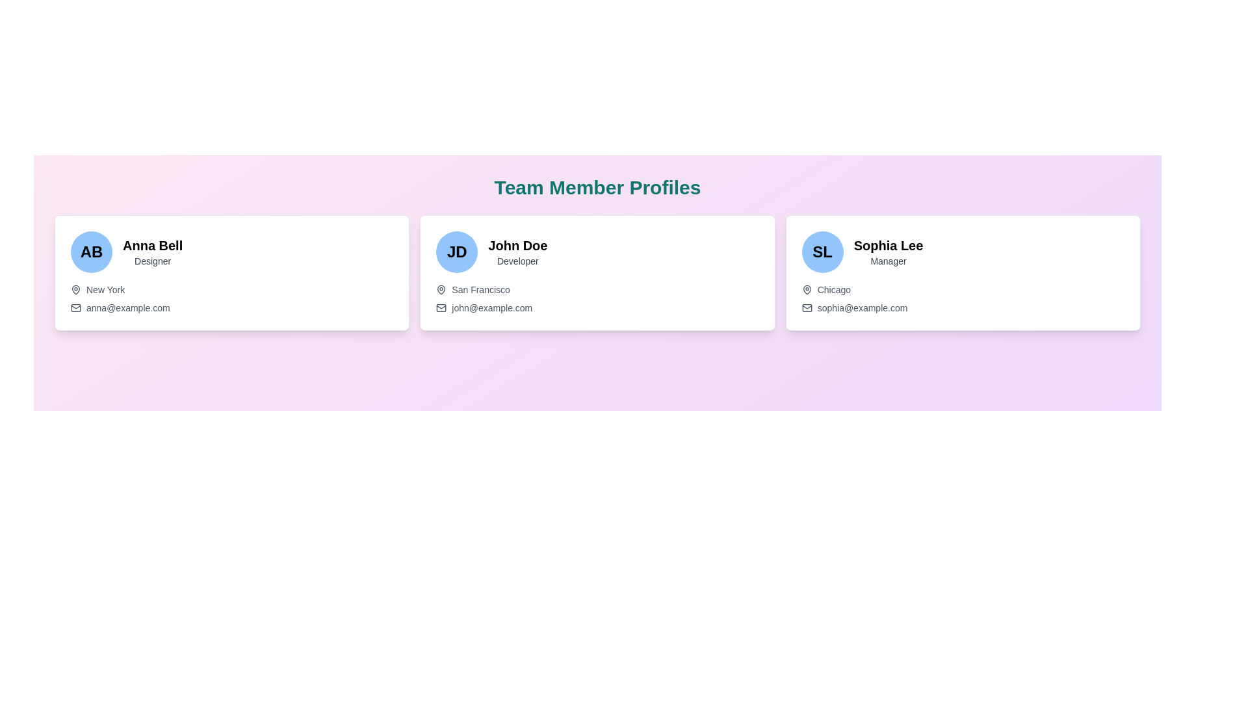  What do you see at coordinates (232, 272) in the screenshot?
I see `the profile card for 'Anna Bell' which displays her initials 'AB' in a circular avatar, along with her name and details` at bounding box center [232, 272].